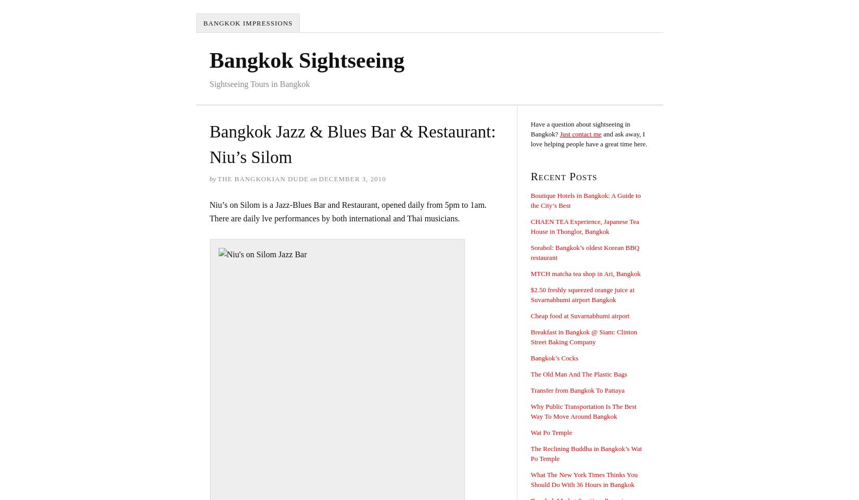 Image resolution: width=859 pixels, height=500 pixels. Describe the element at coordinates (586, 453) in the screenshot. I see `'The Reclining Buddha in Bangkok’s Wat Po Temple'` at that location.